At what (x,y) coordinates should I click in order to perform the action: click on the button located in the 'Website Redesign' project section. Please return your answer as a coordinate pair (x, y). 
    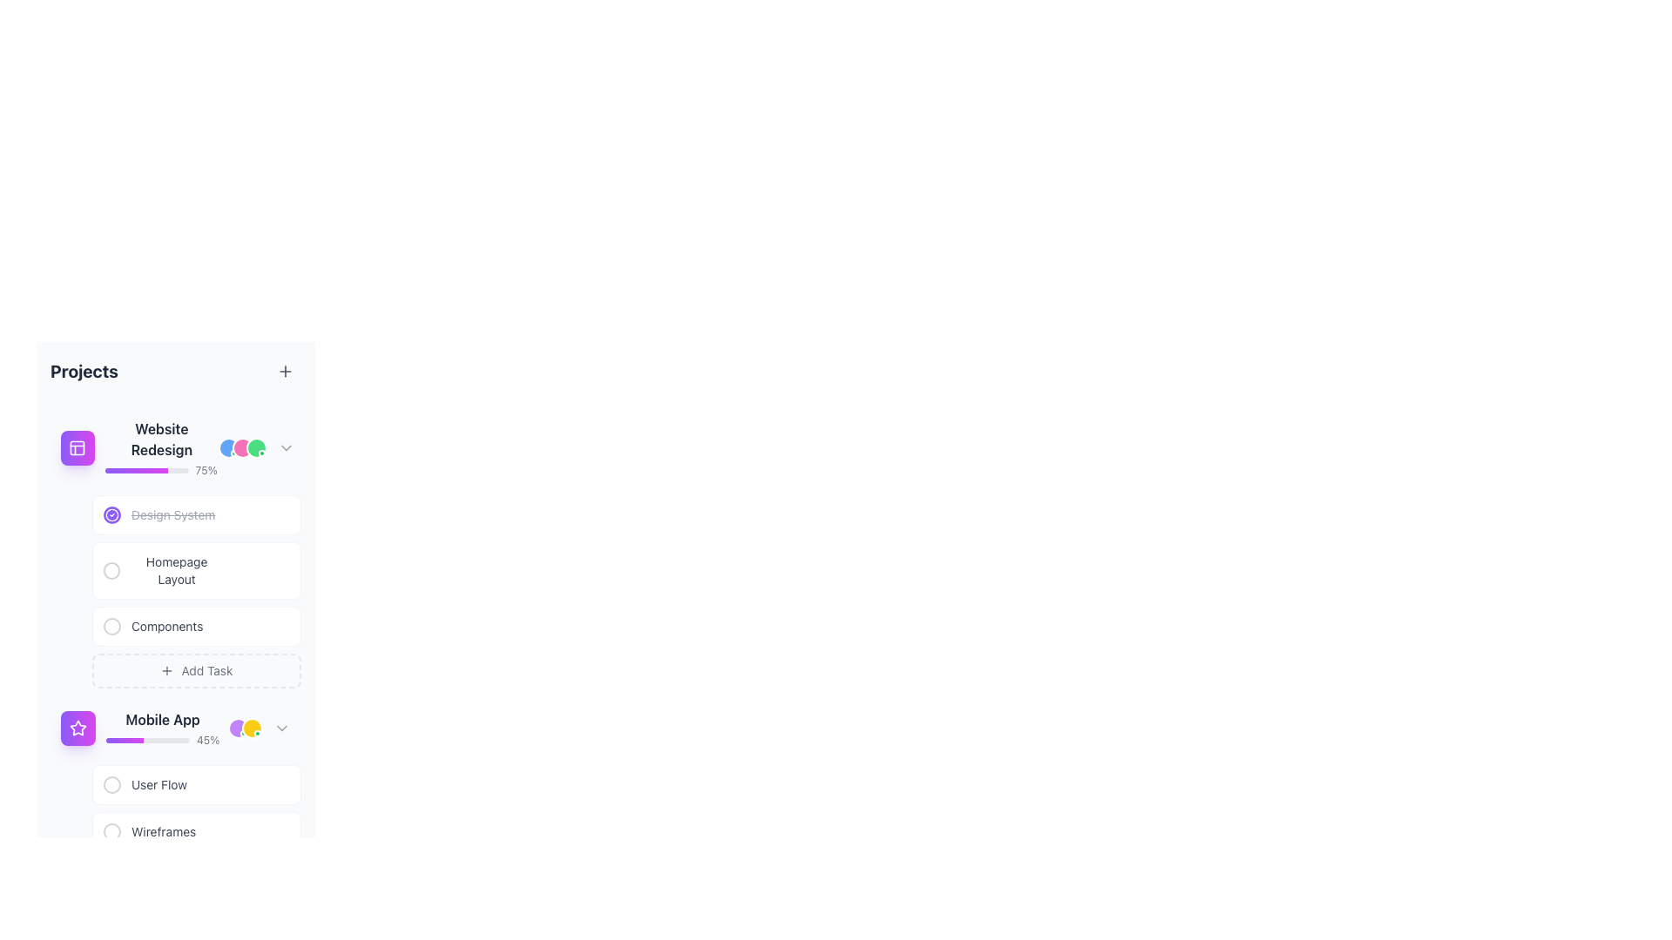
    Looking at the image, I should click on (196, 670).